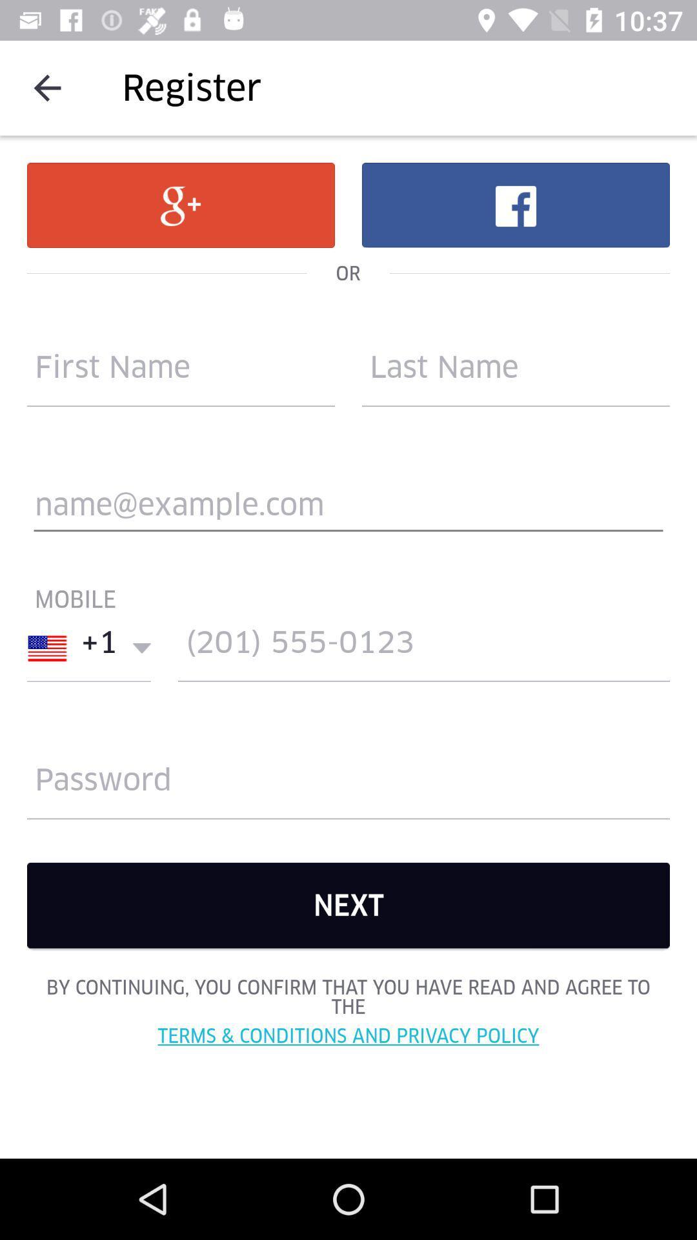  I want to click on place to enter the first name, so click(181, 373).